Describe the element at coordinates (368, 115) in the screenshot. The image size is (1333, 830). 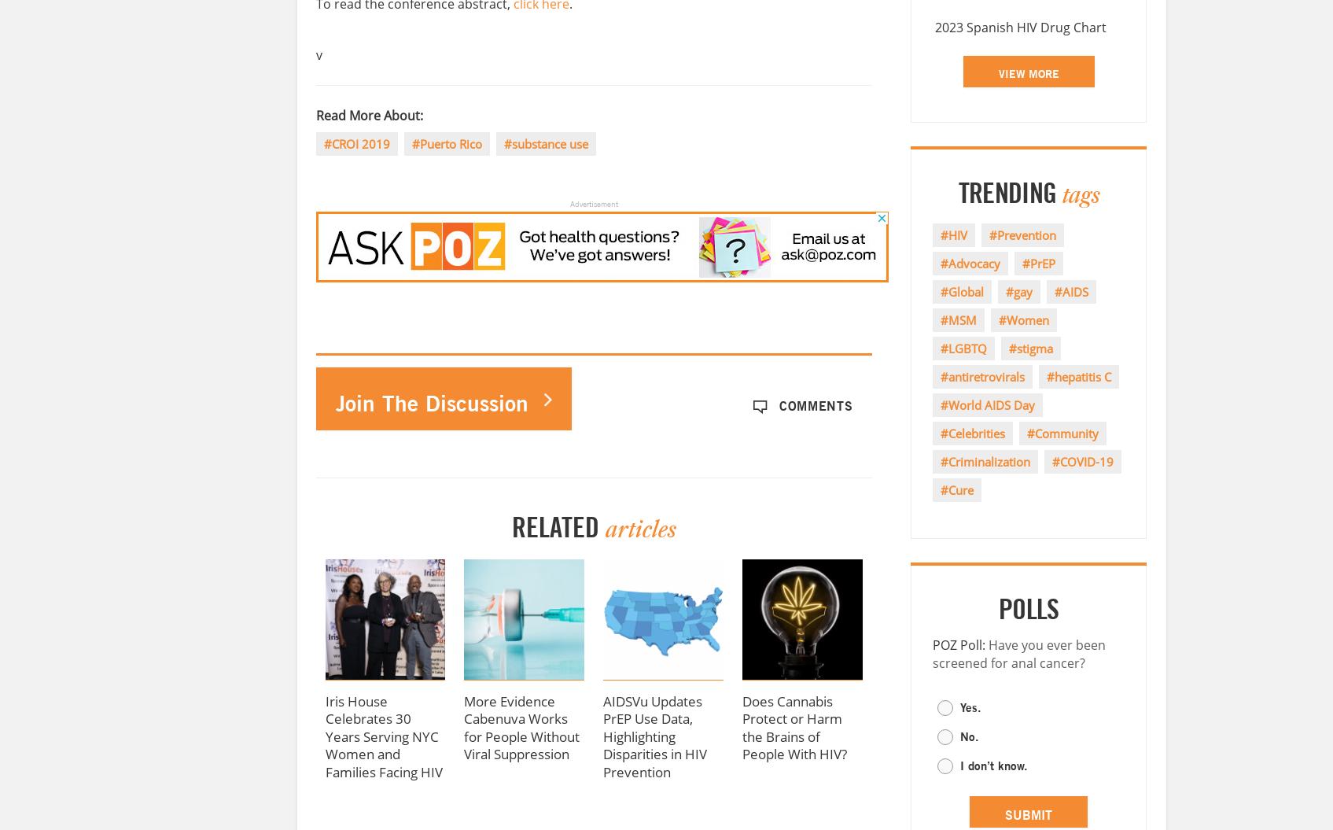
I see `'Read More About:'` at that location.